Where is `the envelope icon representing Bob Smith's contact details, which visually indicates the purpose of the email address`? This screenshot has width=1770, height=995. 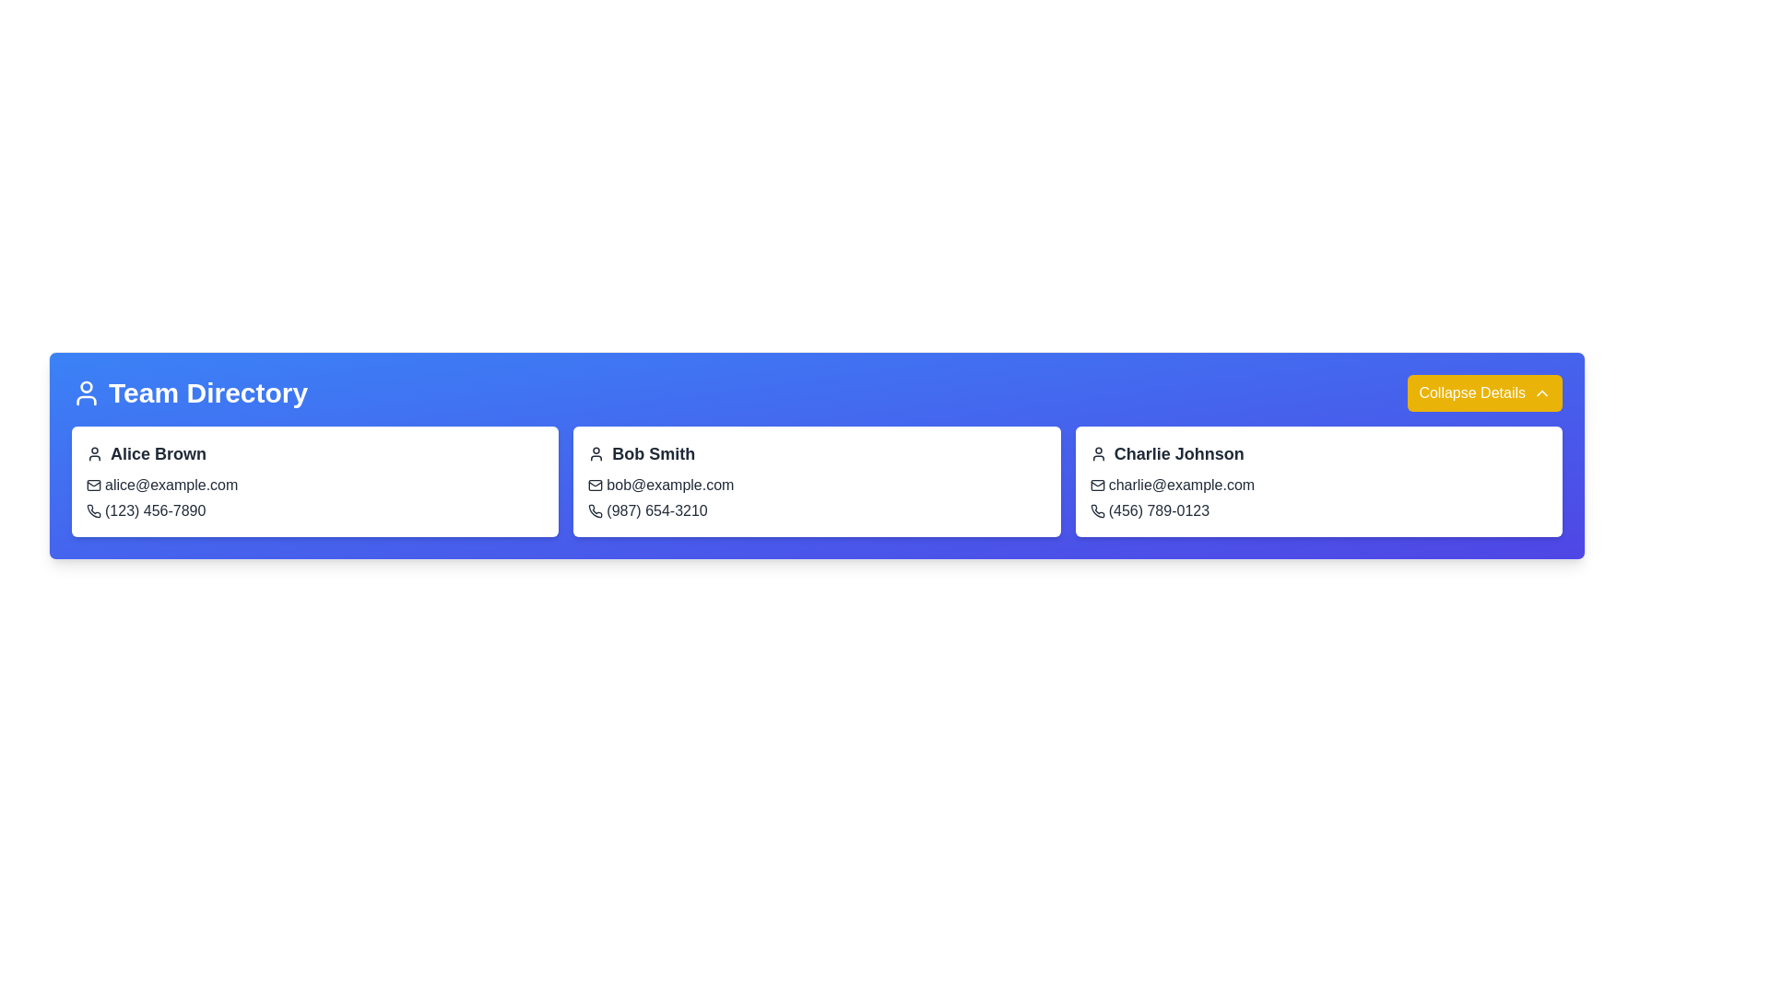 the envelope icon representing Bob Smith's contact details, which visually indicates the purpose of the email address is located at coordinates (596, 485).